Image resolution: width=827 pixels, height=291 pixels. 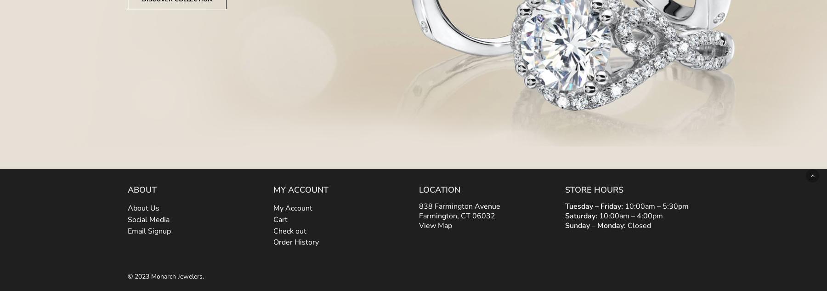 What do you see at coordinates (273, 230) in the screenshot?
I see `'Check out'` at bounding box center [273, 230].